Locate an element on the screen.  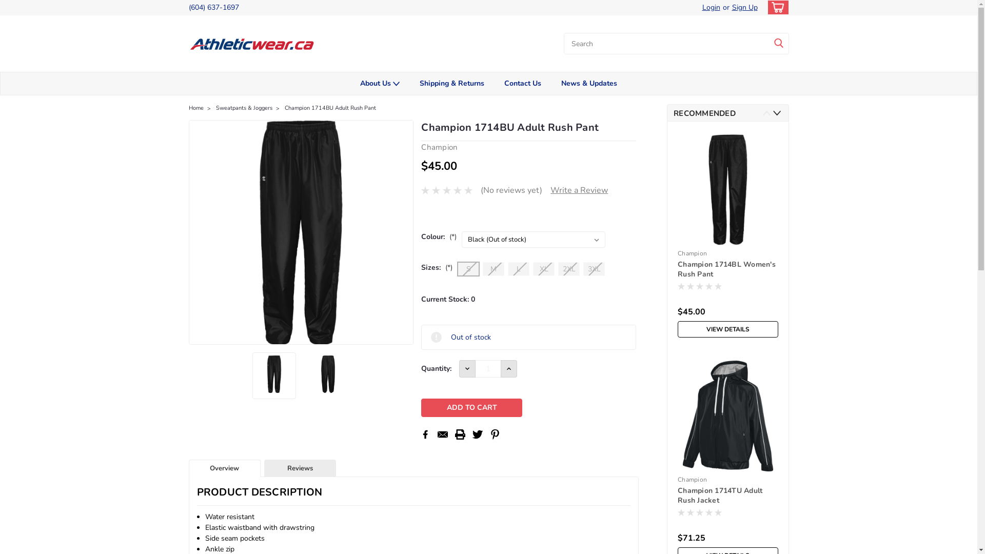
'Login' is located at coordinates (710, 8).